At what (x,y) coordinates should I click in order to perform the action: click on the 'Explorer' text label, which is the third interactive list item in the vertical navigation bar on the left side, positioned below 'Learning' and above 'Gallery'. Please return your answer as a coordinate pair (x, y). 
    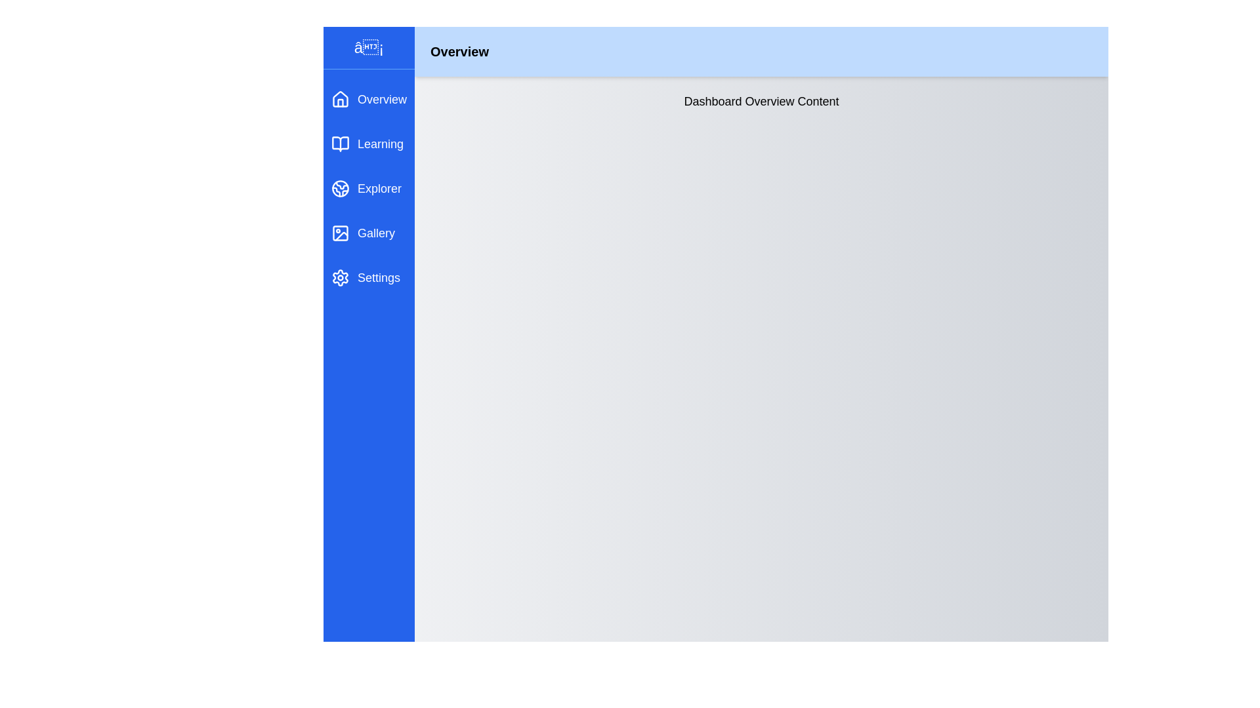
    Looking at the image, I should click on (379, 189).